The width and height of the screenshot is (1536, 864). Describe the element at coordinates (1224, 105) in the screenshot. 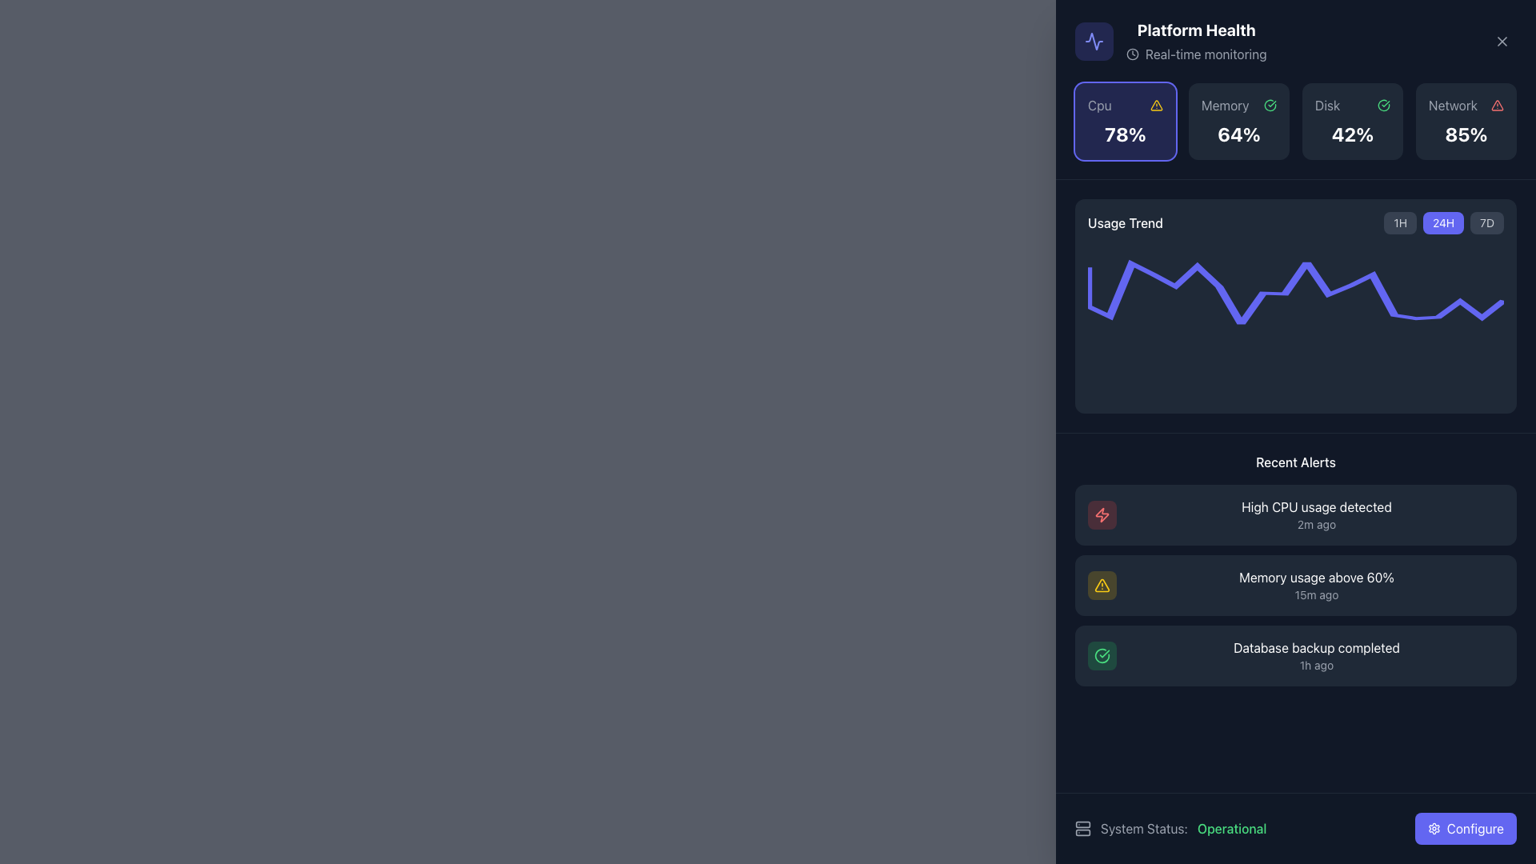

I see `the Memory usage statistics label located in the second segment under the 'Platform Health' heading` at that location.